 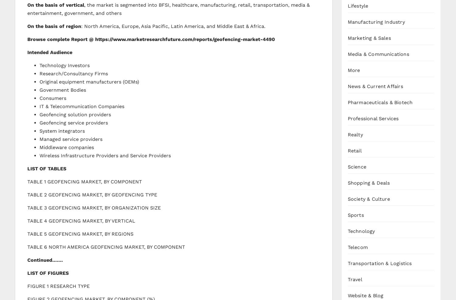 I want to click on 'Society & Culture', so click(x=368, y=198).